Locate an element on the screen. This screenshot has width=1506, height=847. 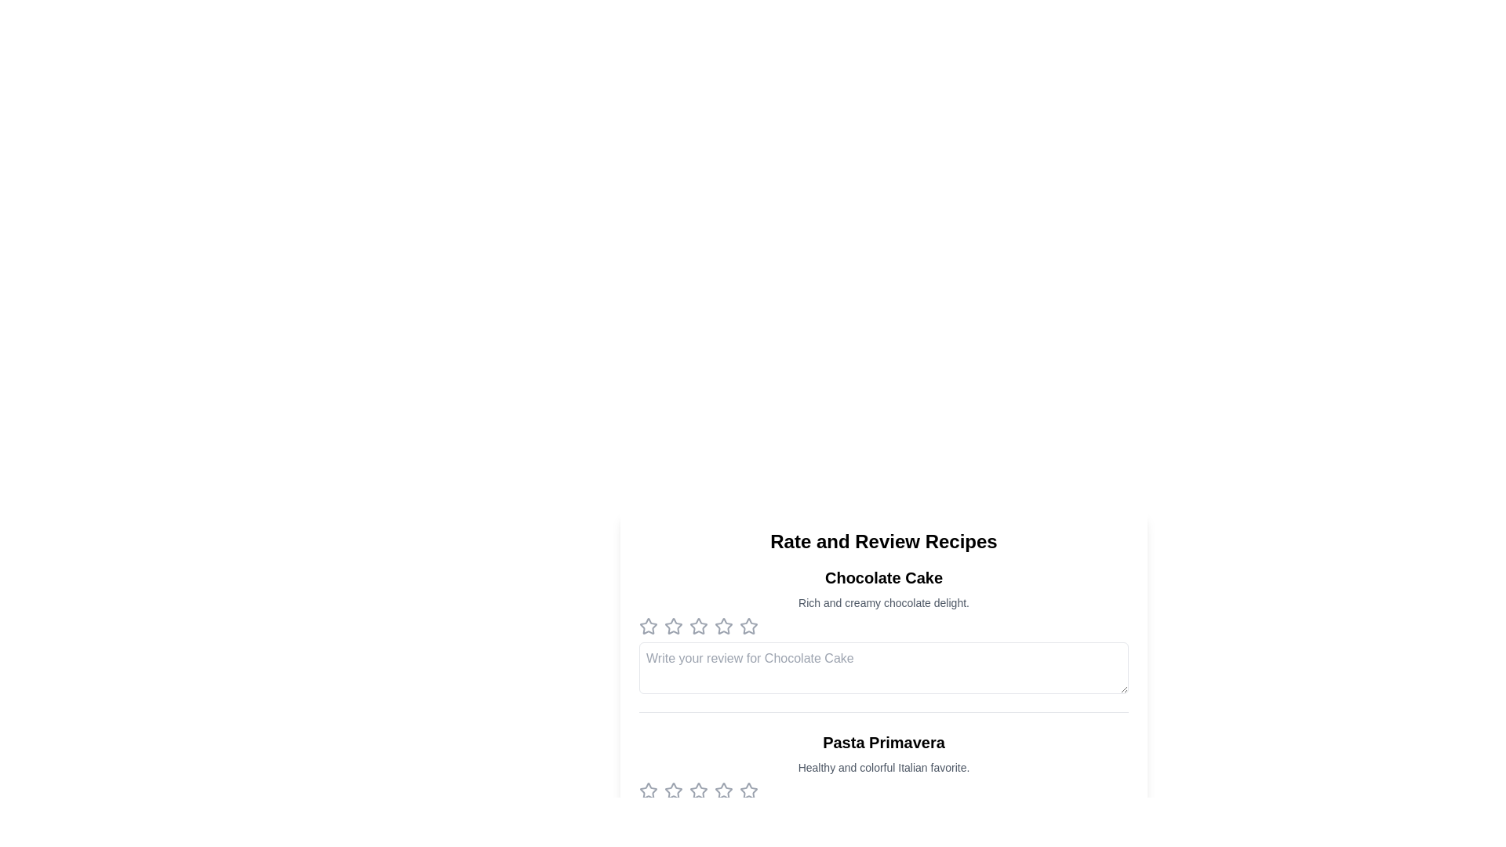
the second star in the five-star rating system for the 'Chocolate Cake' review to rate it is located at coordinates (674, 625).